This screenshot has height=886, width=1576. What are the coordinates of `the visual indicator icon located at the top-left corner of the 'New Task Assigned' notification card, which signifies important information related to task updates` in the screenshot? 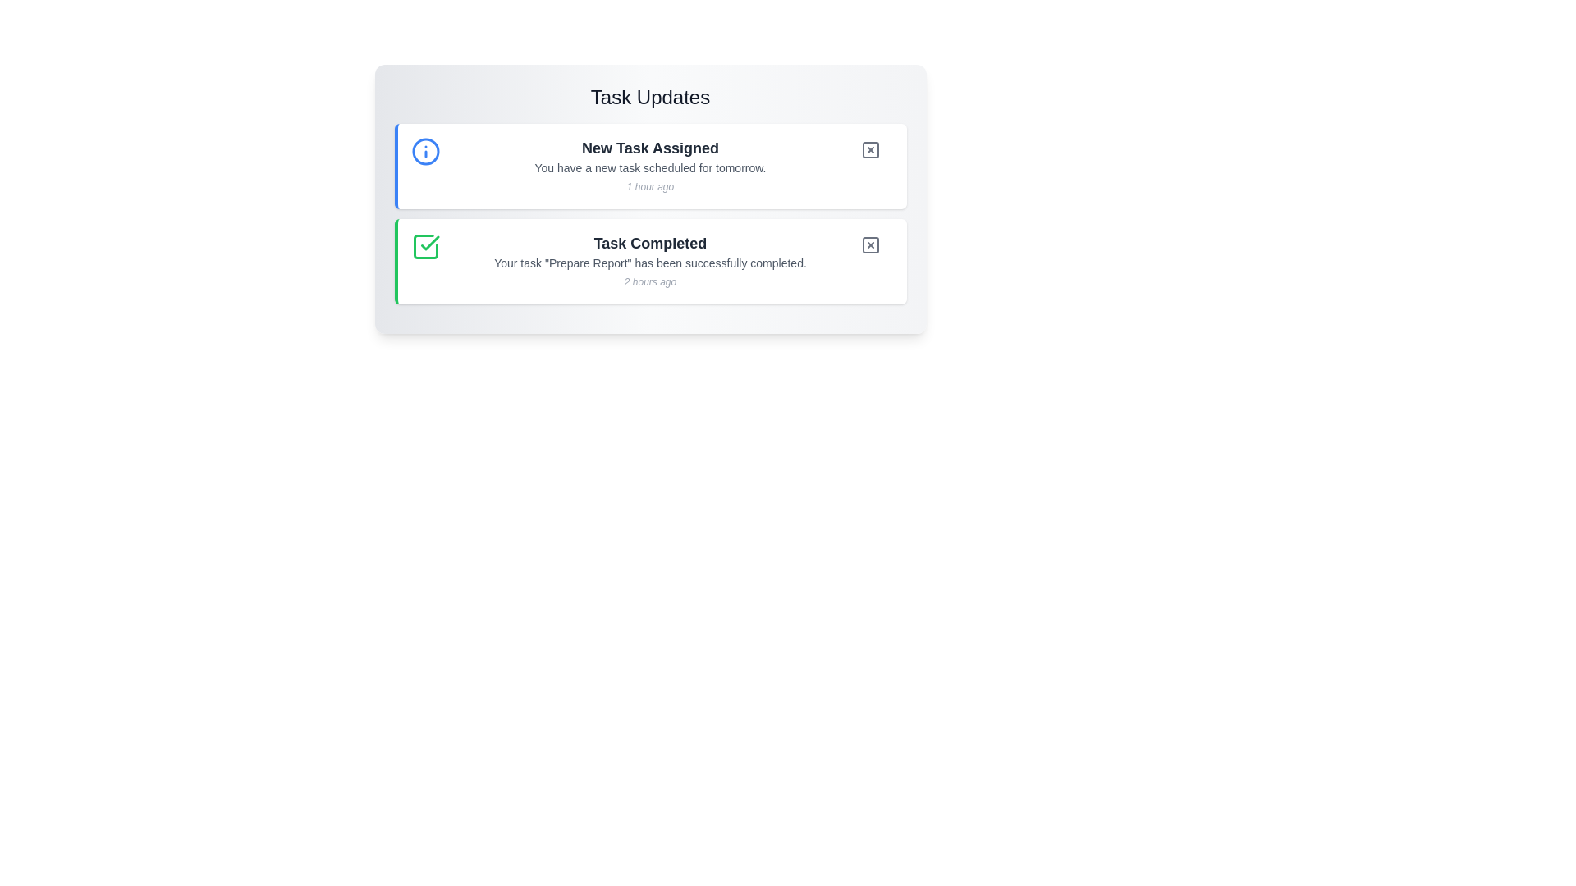 It's located at (432, 167).